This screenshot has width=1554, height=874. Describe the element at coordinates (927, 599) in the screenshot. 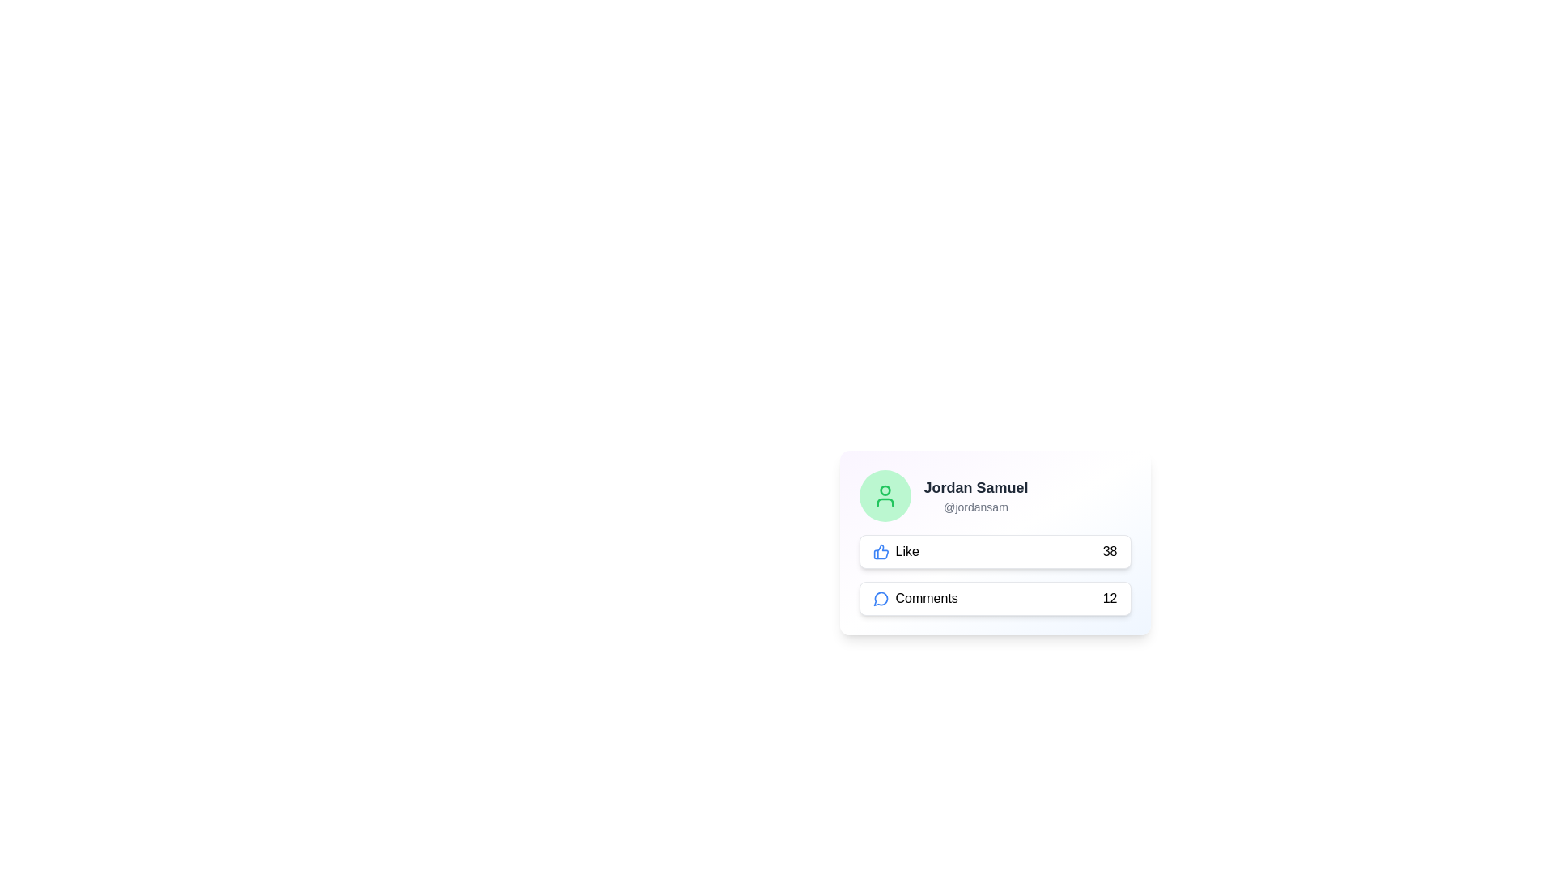

I see `the Text Display Label element that displays the word 'Comments', which is styled in black and positioned next to a chat bubble icon, to understand its purpose` at that location.